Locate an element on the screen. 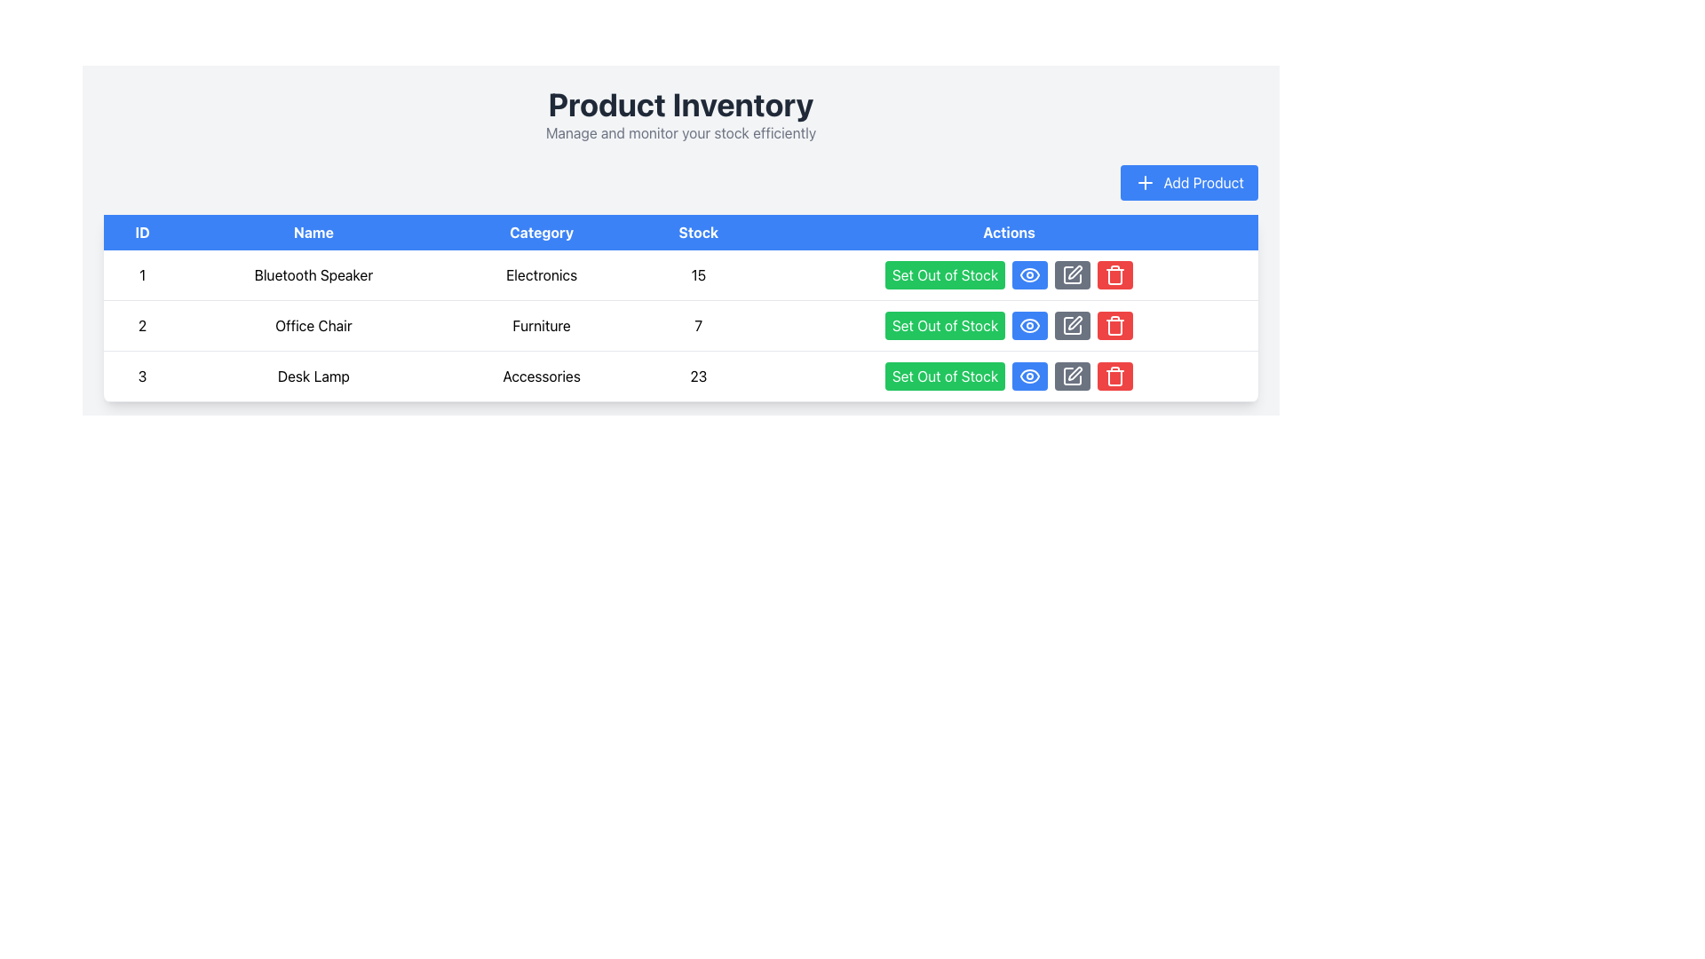 The width and height of the screenshot is (1705, 959). the third row of the Product Inventory table containing the product 'Desk Lamp' for details is located at coordinates (680, 376).